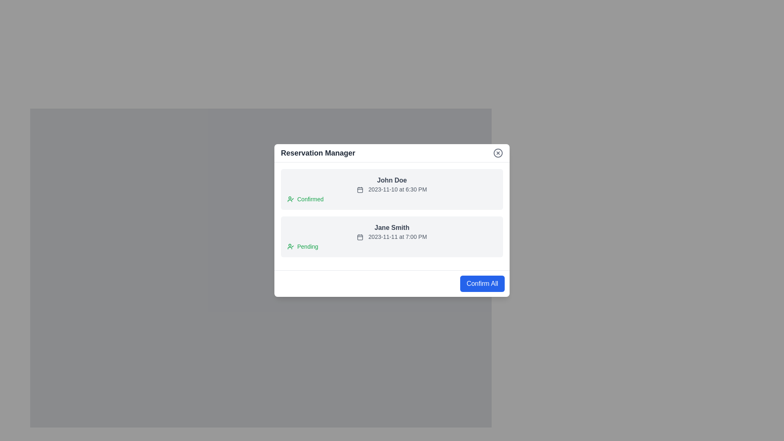 The height and width of the screenshot is (441, 784). Describe the element at coordinates (392, 199) in the screenshot. I see `the confirmation status indicator located below 'John Doe' and the reservation date '2023-11-10 at 6:30 PM' in the user details section` at that location.